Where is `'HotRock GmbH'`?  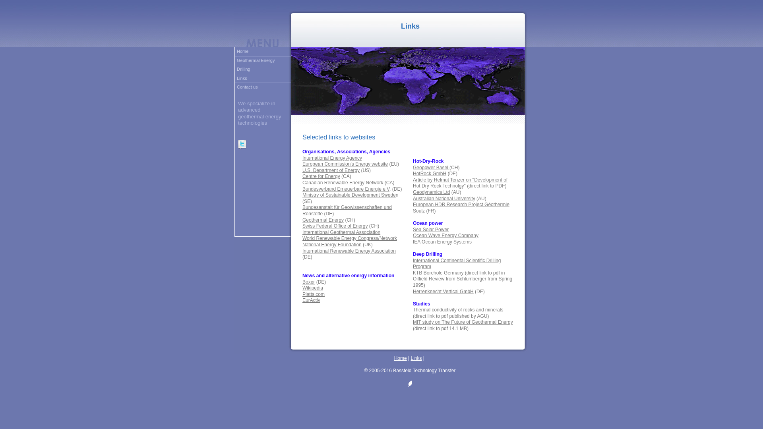
'HotRock GmbH' is located at coordinates (429, 173).